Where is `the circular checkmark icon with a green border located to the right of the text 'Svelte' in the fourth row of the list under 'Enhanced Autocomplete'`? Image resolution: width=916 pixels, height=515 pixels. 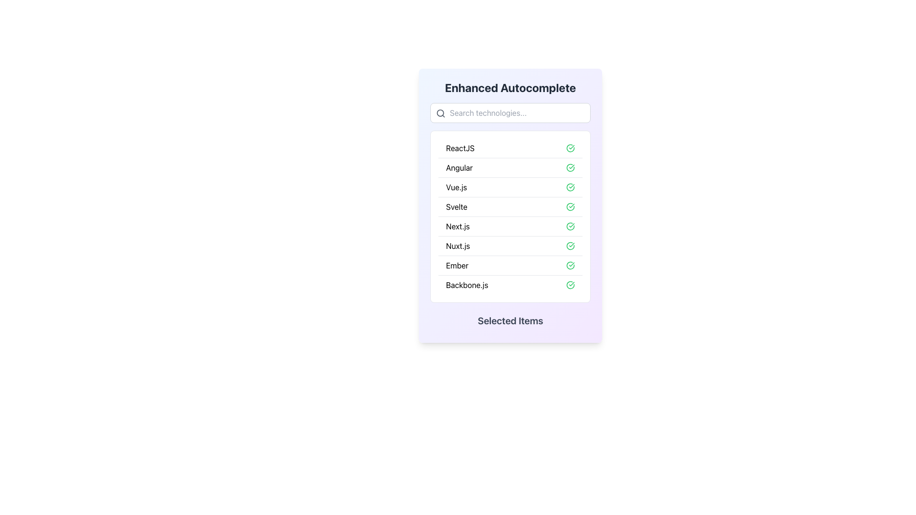
the circular checkmark icon with a green border located to the right of the text 'Svelte' in the fourth row of the list under 'Enhanced Autocomplete' is located at coordinates (570, 206).